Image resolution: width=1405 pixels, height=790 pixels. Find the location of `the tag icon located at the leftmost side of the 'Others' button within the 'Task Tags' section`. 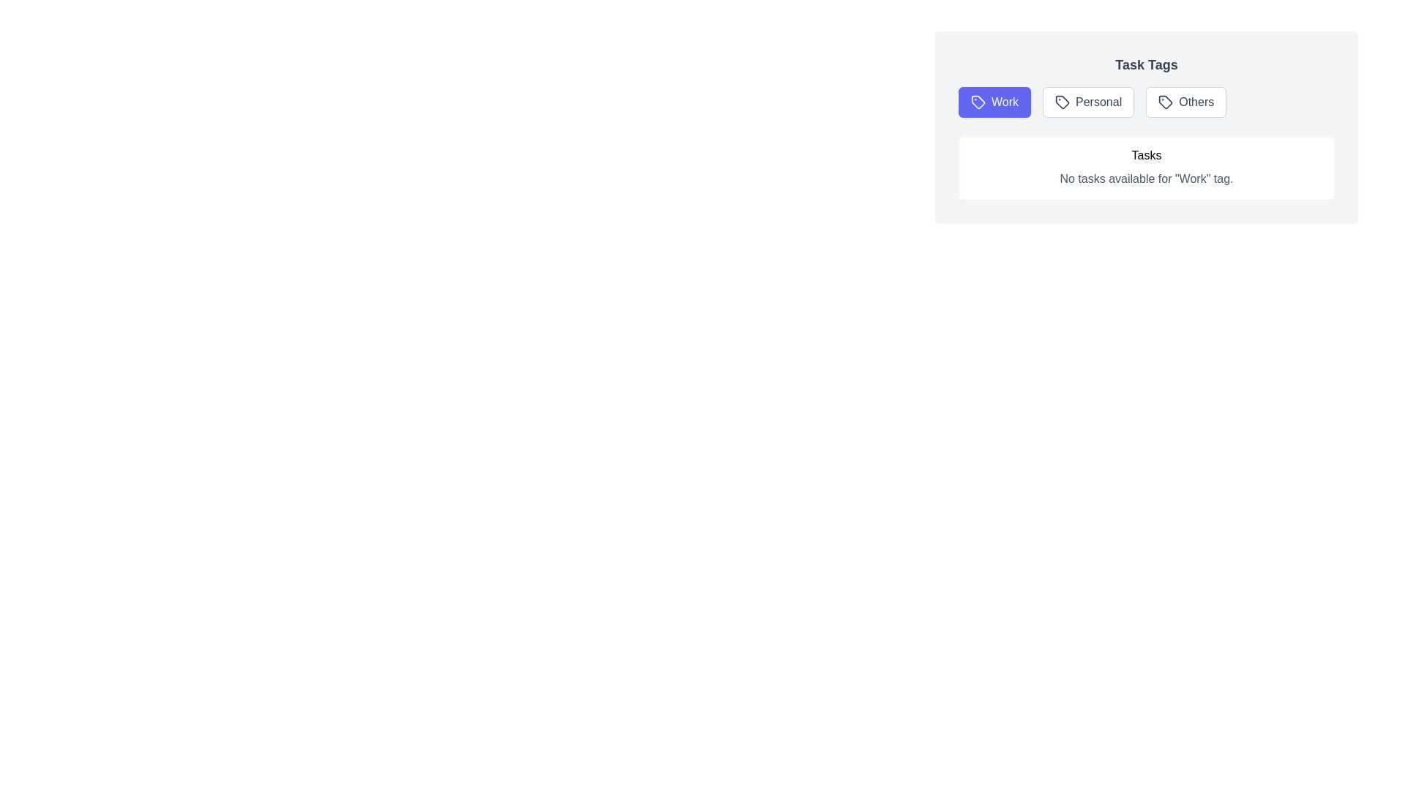

the tag icon located at the leftmost side of the 'Others' button within the 'Task Tags' section is located at coordinates (1165, 101).